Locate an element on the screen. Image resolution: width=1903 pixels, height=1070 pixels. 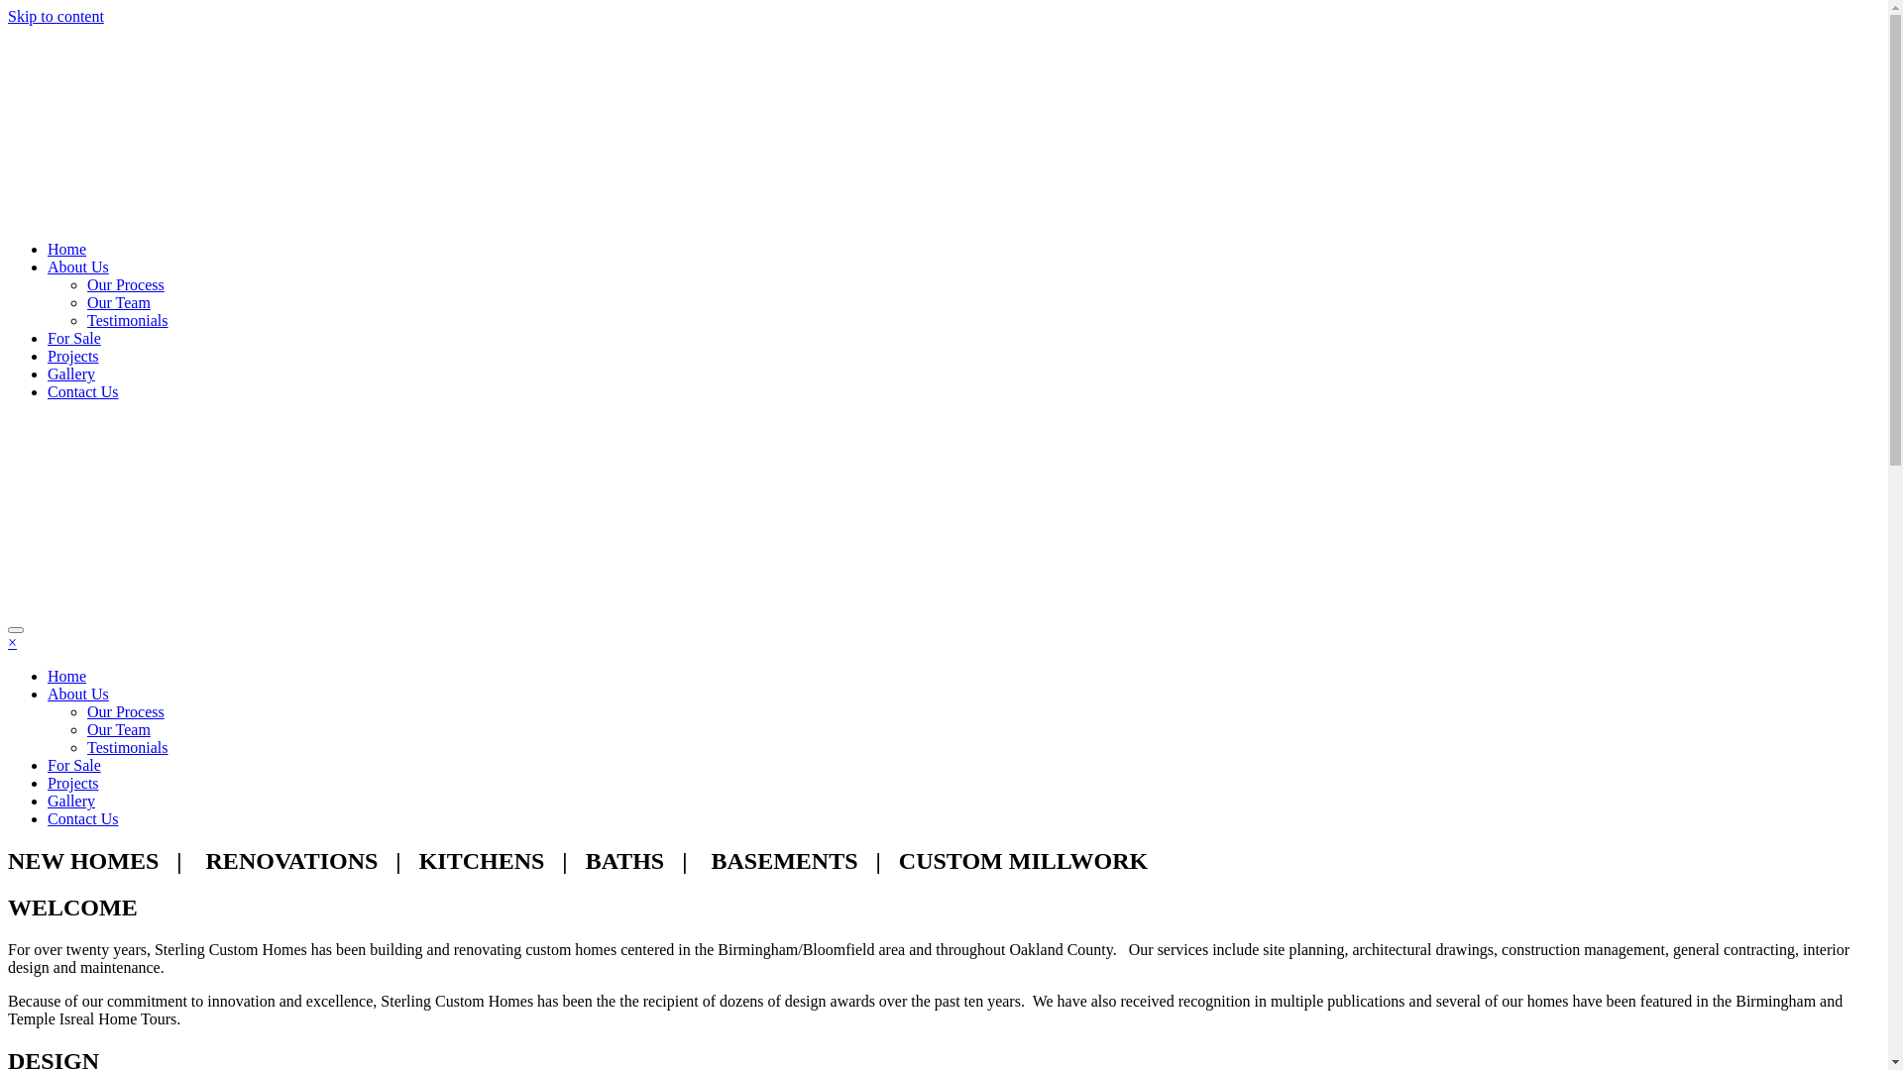
'Contact Us' is located at coordinates (81, 818).